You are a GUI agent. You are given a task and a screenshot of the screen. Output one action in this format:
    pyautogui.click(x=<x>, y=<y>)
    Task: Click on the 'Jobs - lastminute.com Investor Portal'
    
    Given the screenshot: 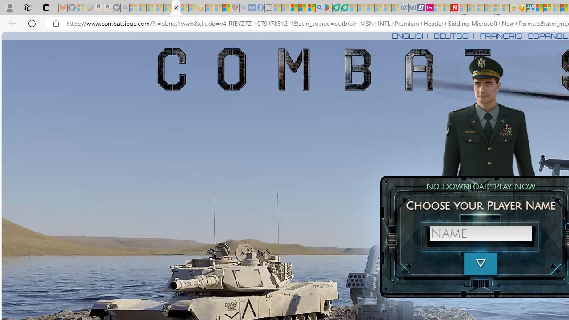 What is the action you would take?
    pyautogui.click(x=429, y=8)
    